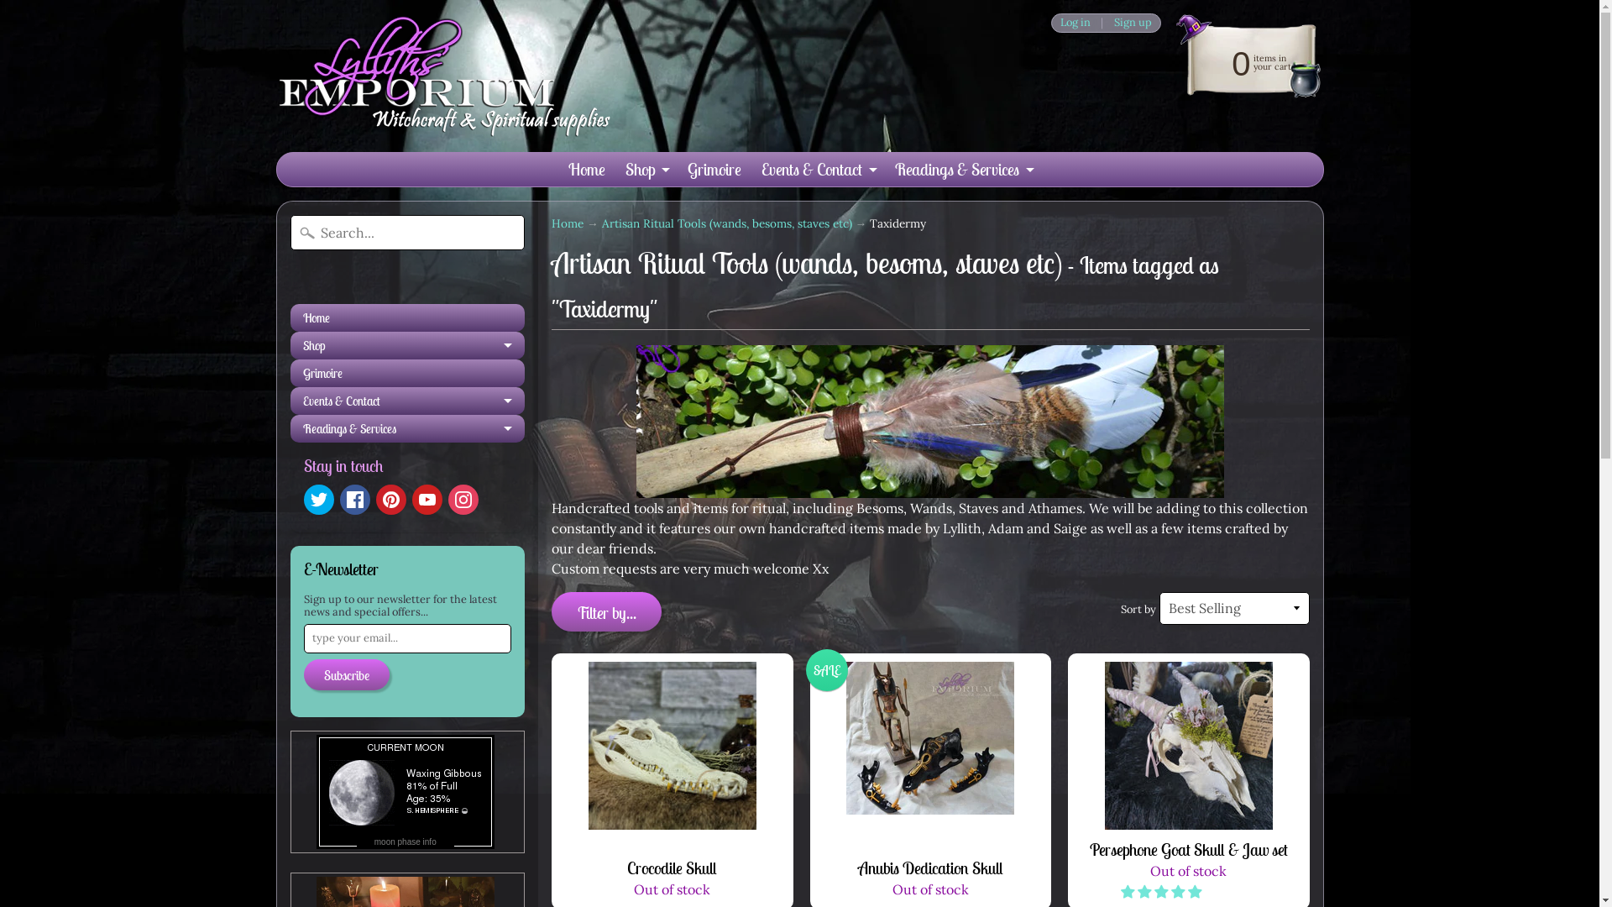 The image size is (1612, 907). Describe the element at coordinates (726, 223) in the screenshot. I see `'Artisan Ritual Tools (wands, besoms, staves etc)'` at that location.